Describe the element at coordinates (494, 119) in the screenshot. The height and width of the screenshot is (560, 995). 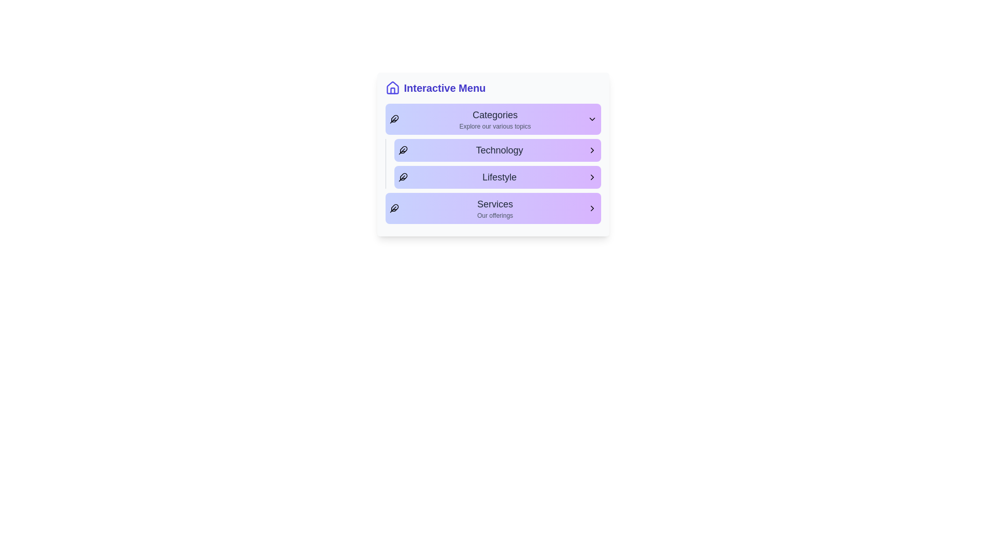
I see `the 'Categories' text header with subtitle` at that location.